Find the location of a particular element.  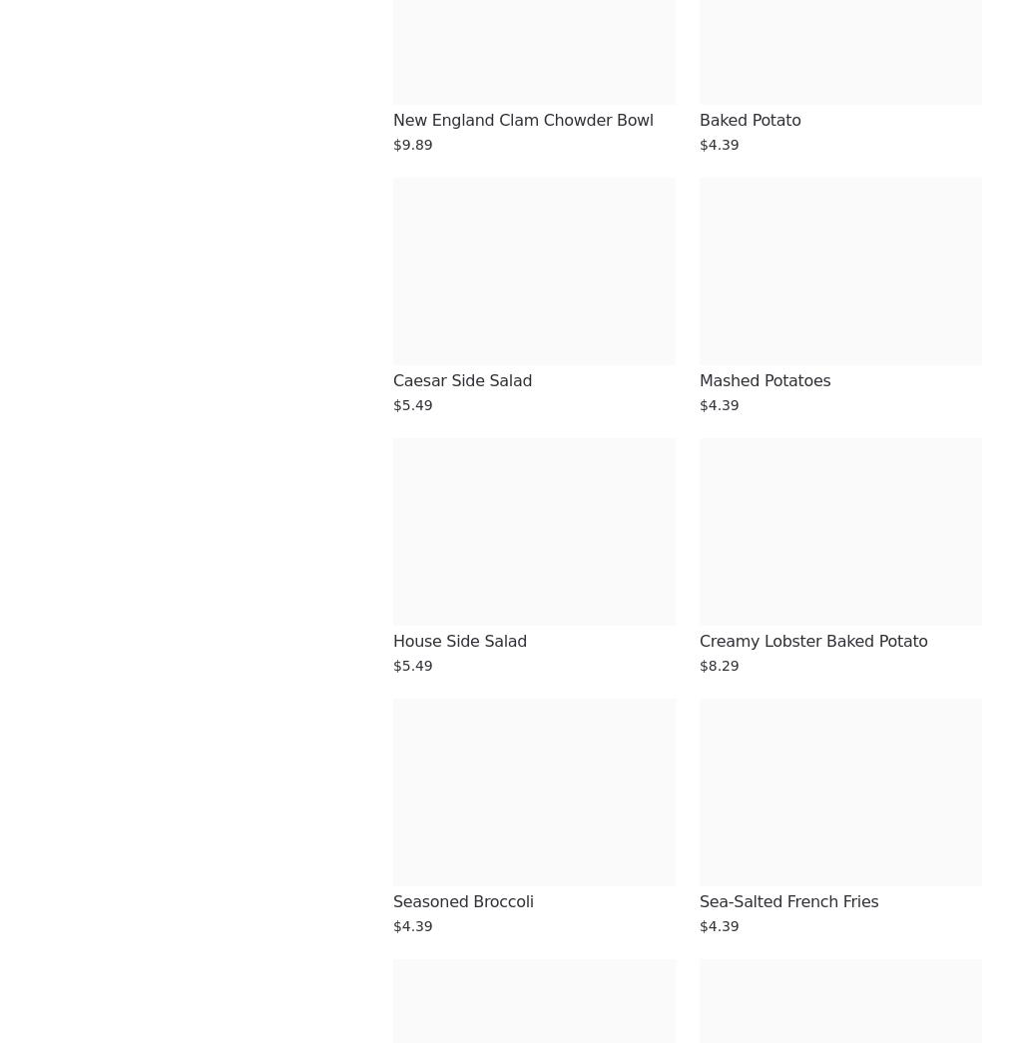

'House Side Salad' is located at coordinates (460, 641).